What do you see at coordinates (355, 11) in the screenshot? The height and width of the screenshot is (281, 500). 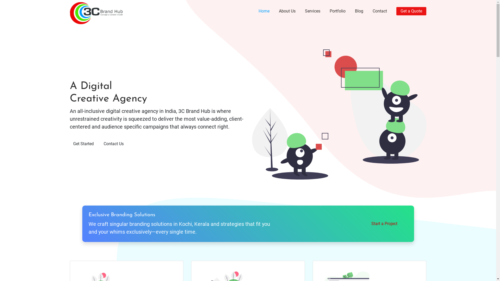 I see `'Blog'` at bounding box center [355, 11].